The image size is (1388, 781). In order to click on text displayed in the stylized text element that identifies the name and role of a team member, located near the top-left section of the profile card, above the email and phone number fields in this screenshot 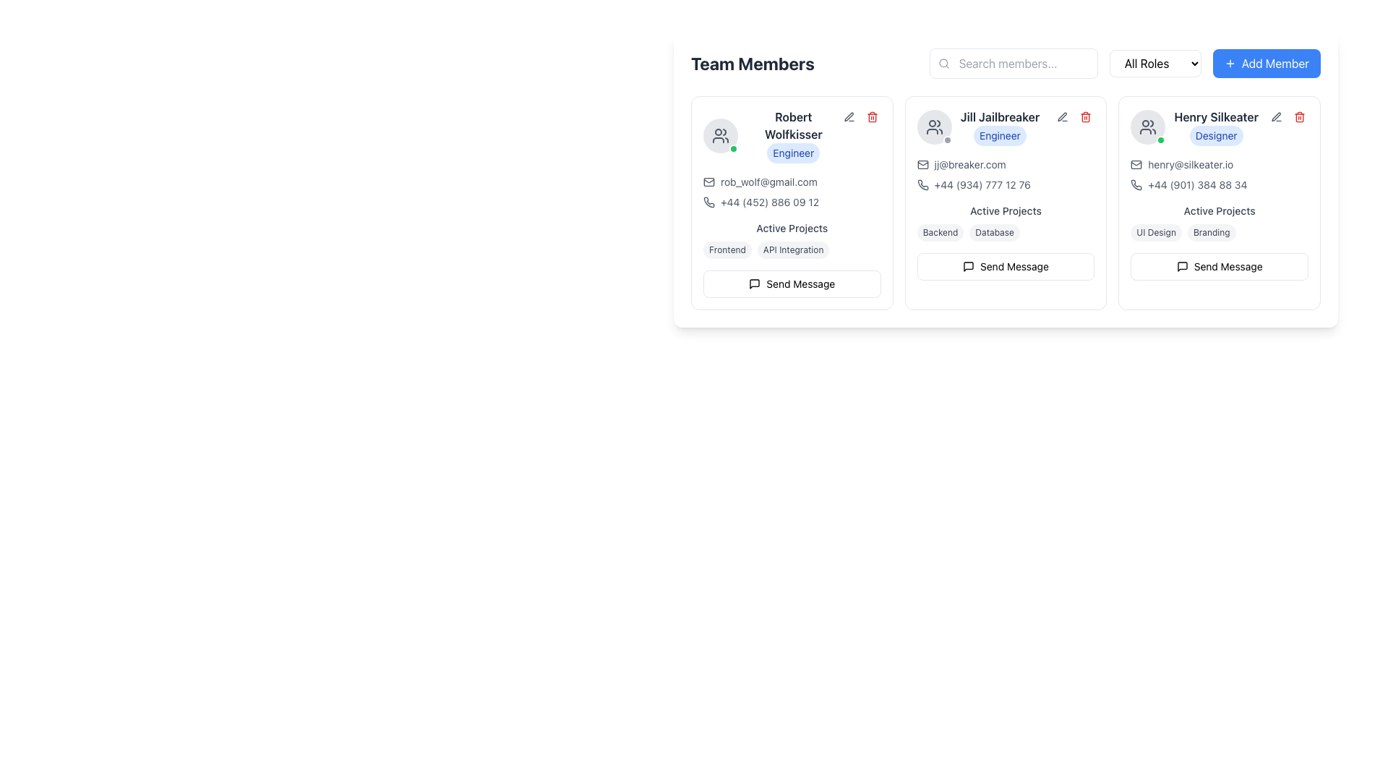, I will do `click(791, 136)`.